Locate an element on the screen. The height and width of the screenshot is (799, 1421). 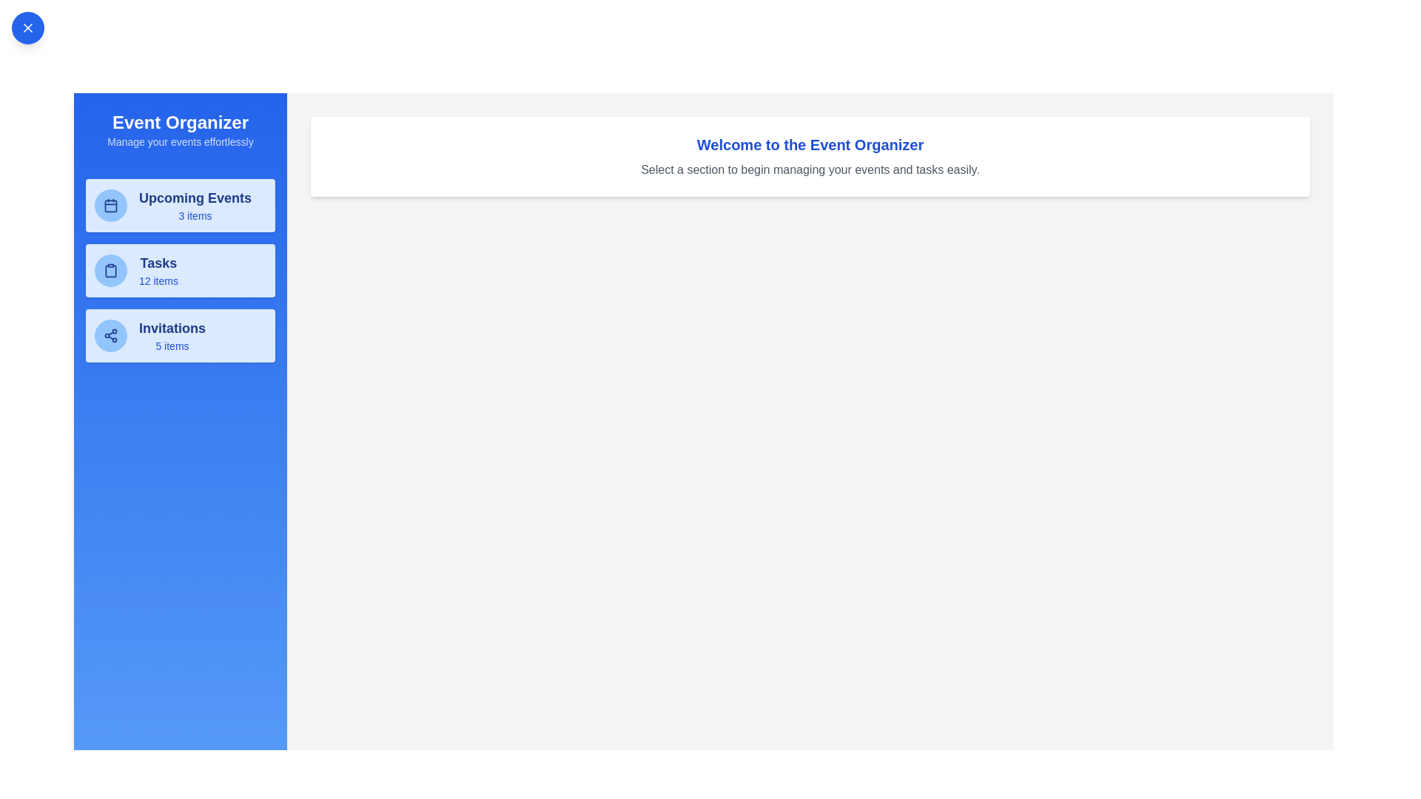
the 'Upcoming Events' card to navigate to the 'Upcoming Events' section is located at coordinates (180, 205).